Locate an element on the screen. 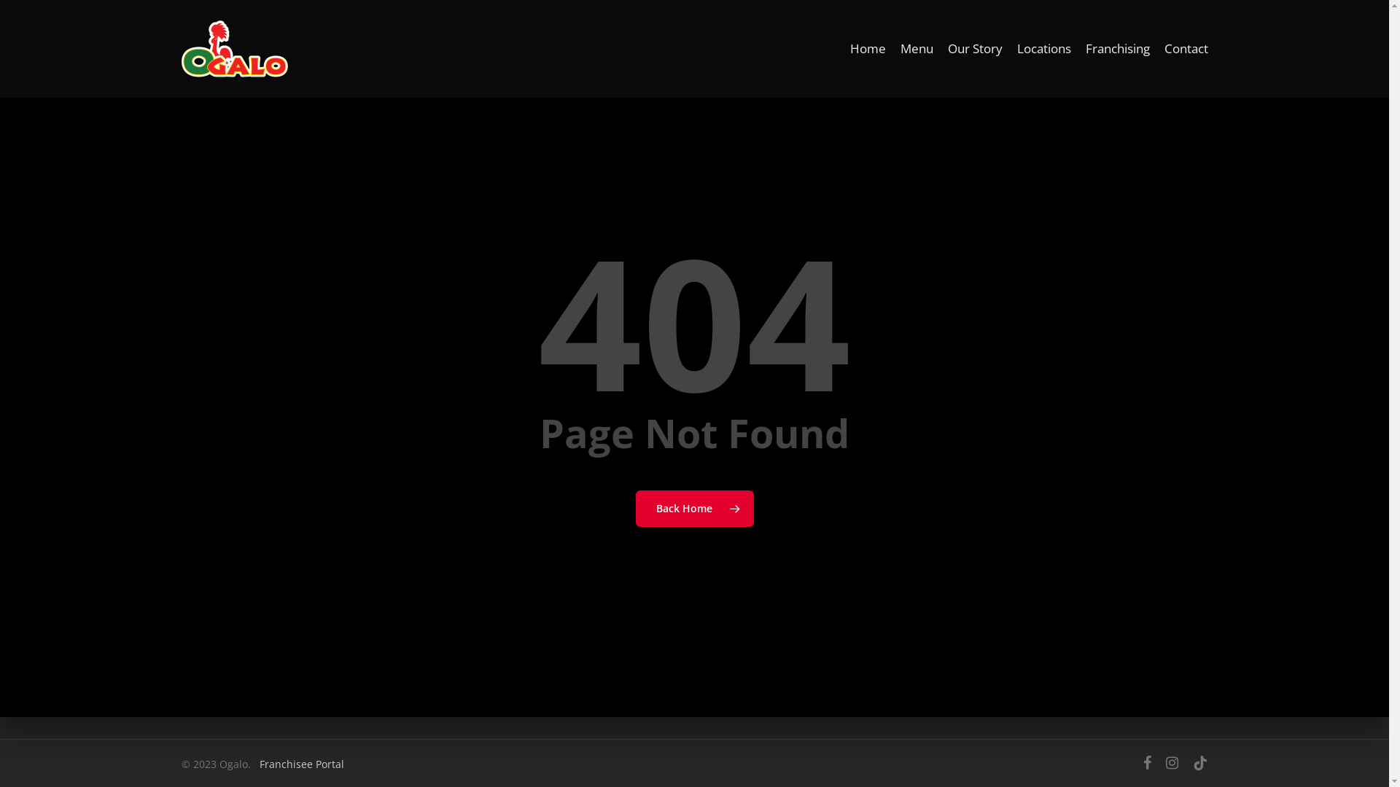 This screenshot has width=1400, height=787. 'Franchisee Portal' is located at coordinates (300, 763).